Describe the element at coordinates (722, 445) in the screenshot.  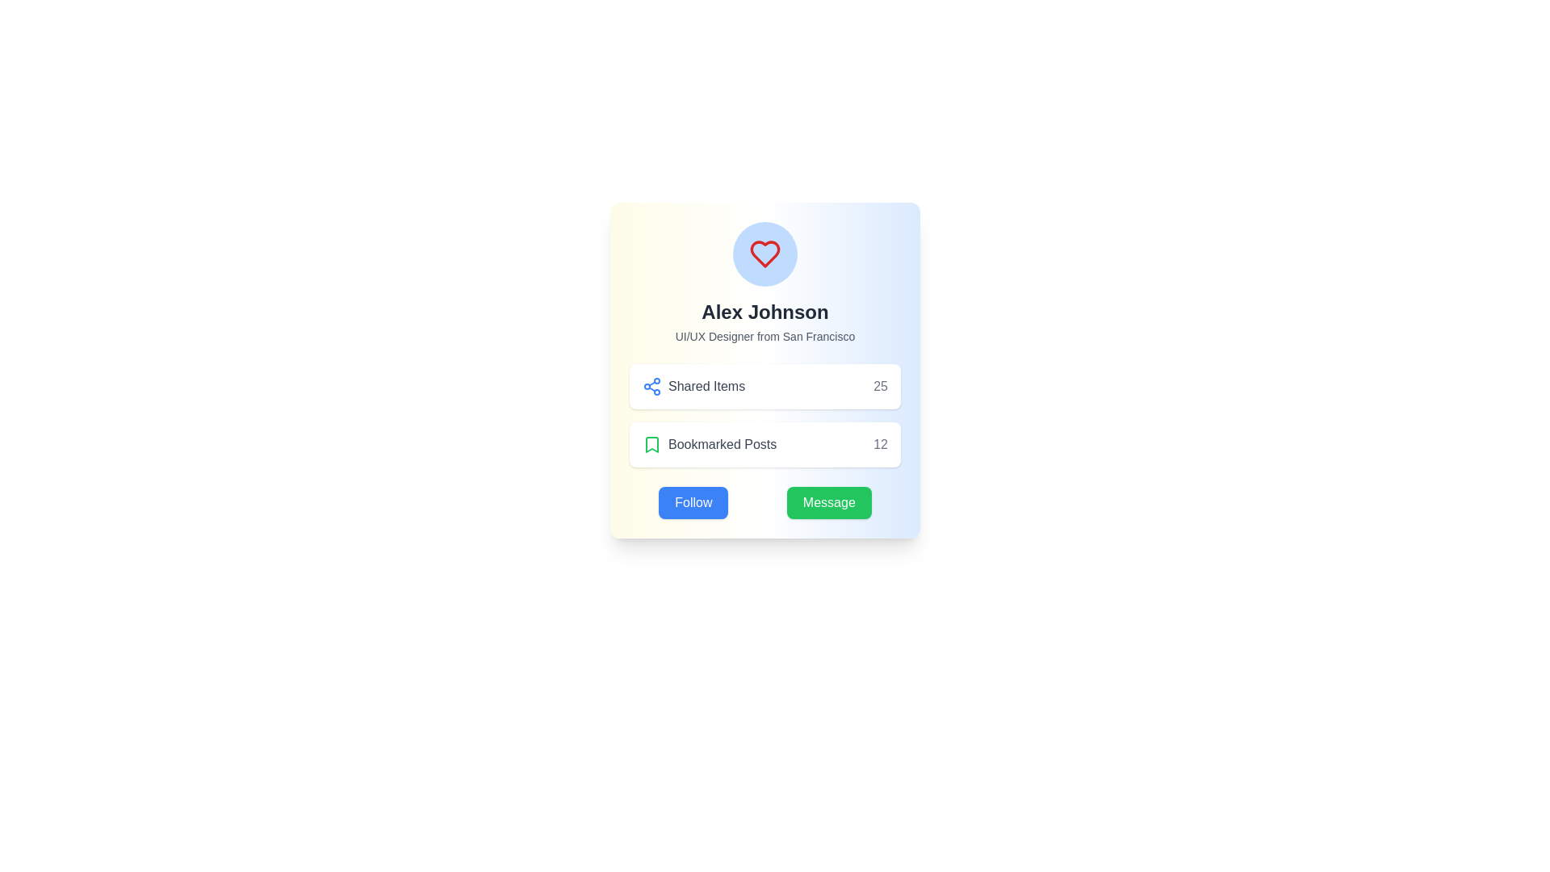
I see `the text label that describes saved or marked posts, located to the right of a green bookmark icon in the second row of a card layout` at that location.